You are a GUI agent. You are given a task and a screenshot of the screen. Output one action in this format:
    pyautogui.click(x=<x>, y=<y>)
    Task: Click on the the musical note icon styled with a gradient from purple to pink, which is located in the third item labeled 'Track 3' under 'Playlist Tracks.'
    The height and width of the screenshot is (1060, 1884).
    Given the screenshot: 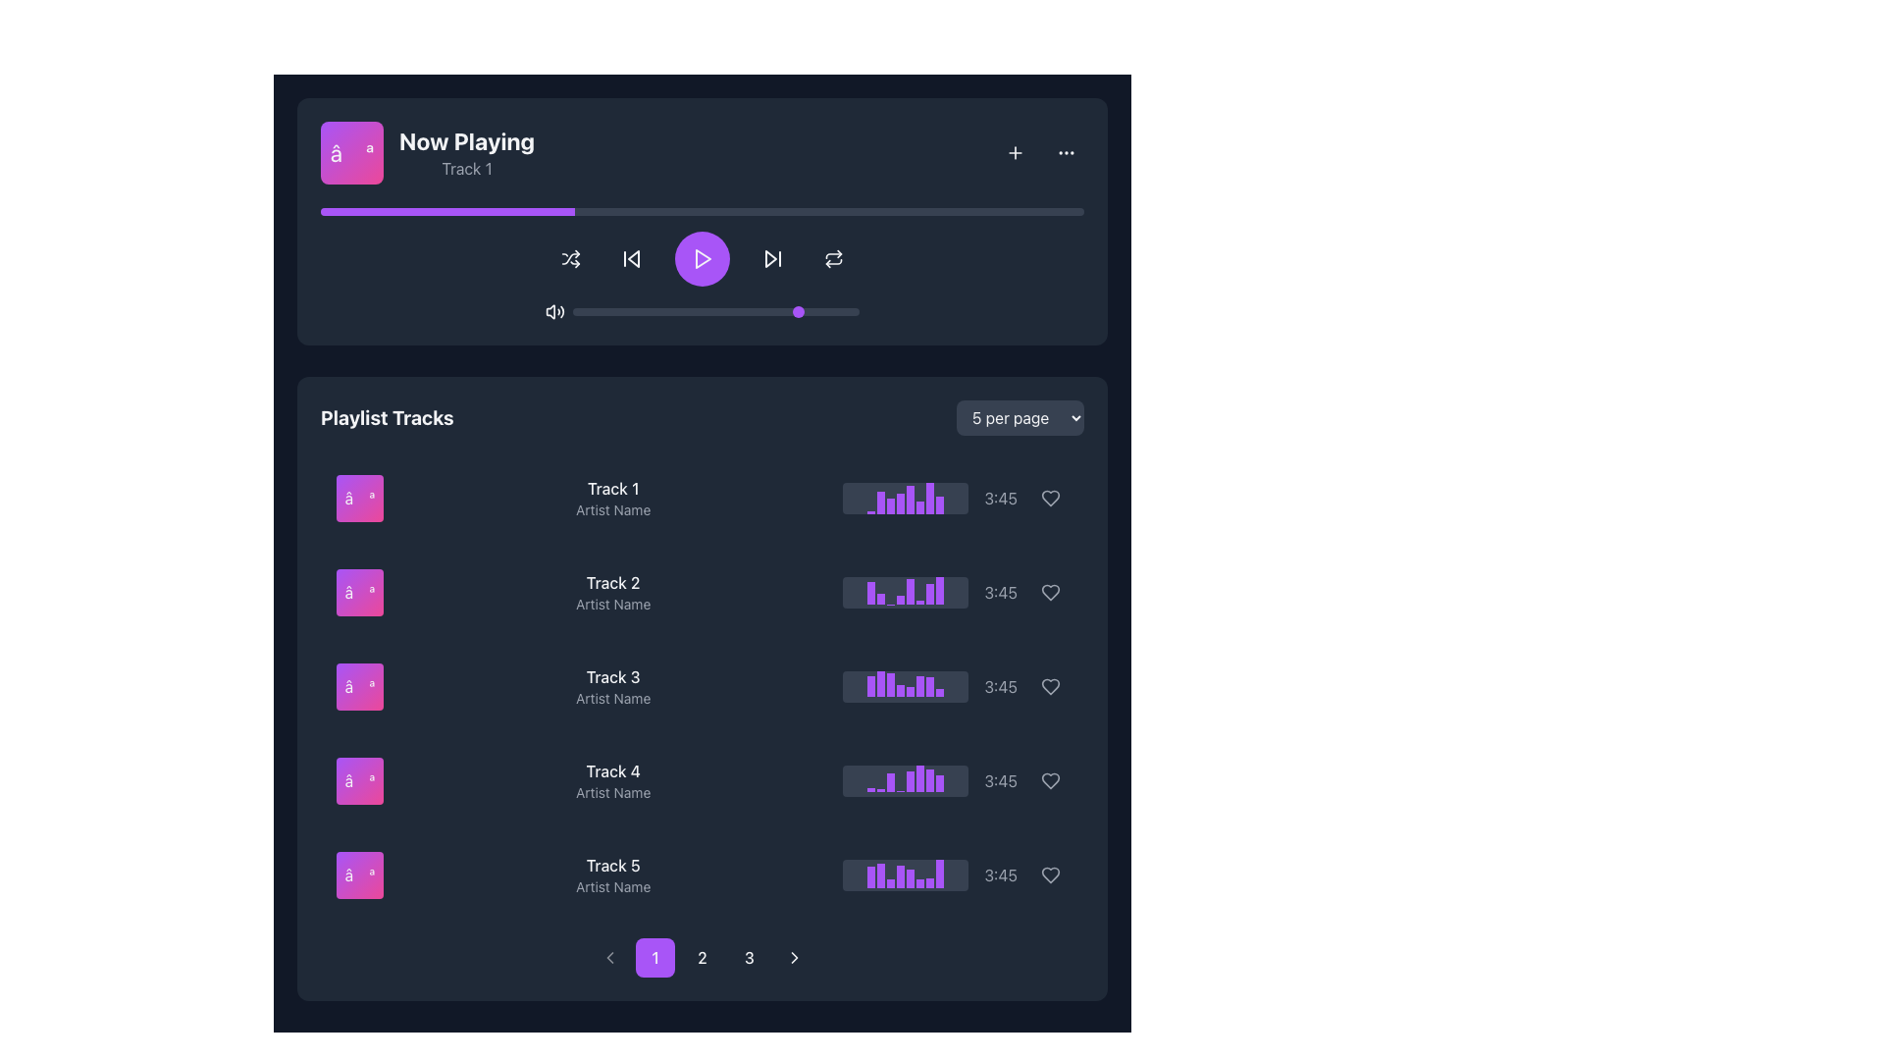 What is the action you would take?
    pyautogui.click(x=359, y=685)
    